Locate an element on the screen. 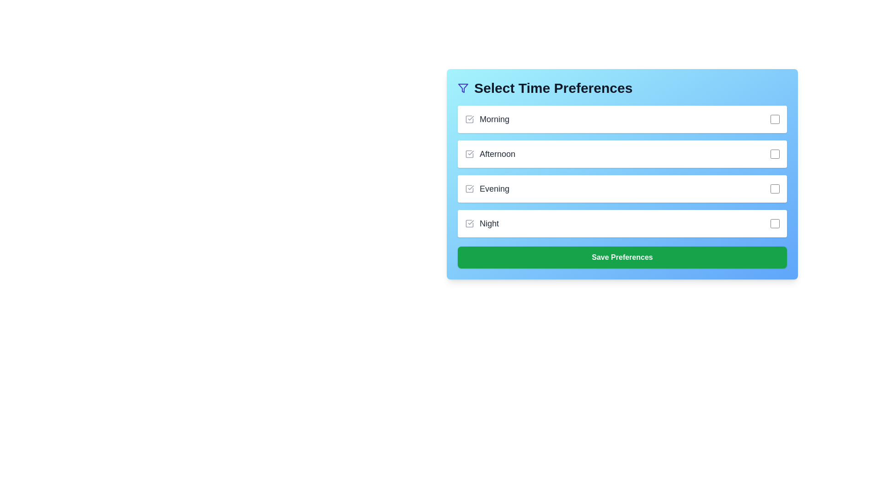 This screenshot has height=494, width=878. the checkbox outline (non-interactive SVG representation) located to the left of the 'Evening' text in the options list is located at coordinates (470, 188).